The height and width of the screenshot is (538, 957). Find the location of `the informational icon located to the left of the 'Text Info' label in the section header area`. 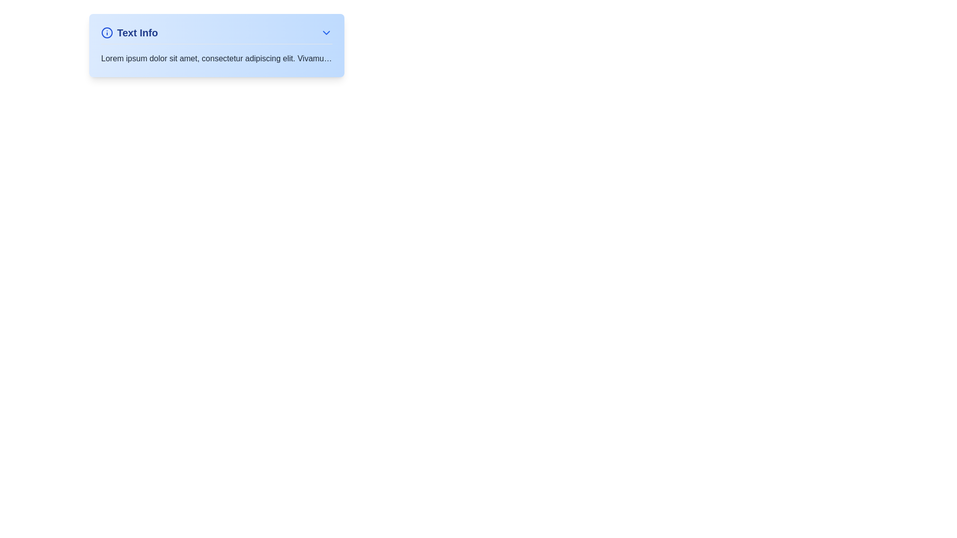

the informational icon located to the left of the 'Text Info' label in the section header area is located at coordinates (107, 32).